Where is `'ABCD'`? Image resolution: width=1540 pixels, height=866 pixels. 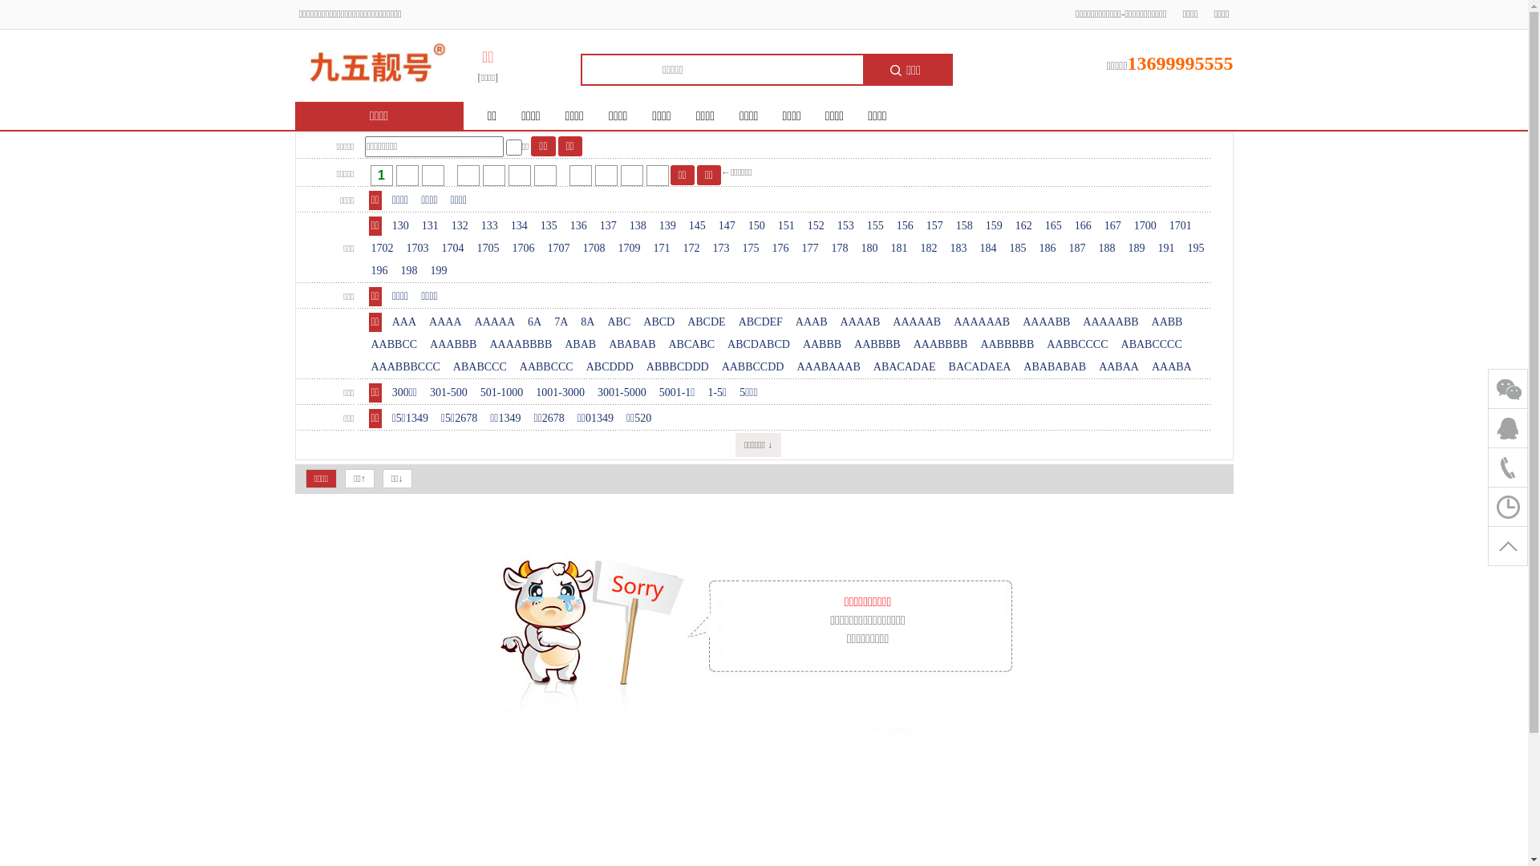 'ABCD' is located at coordinates (659, 322).